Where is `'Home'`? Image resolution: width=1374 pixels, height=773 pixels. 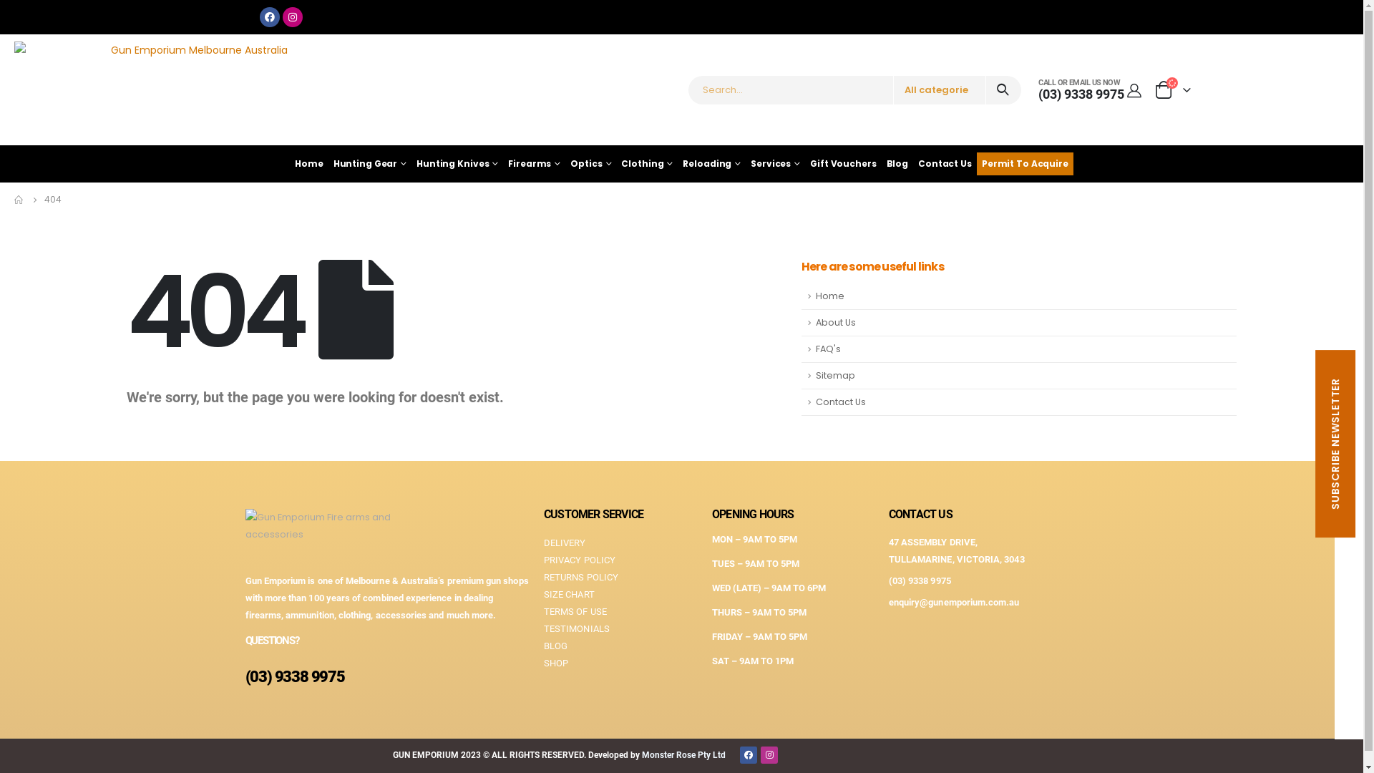
'Home' is located at coordinates (308, 162).